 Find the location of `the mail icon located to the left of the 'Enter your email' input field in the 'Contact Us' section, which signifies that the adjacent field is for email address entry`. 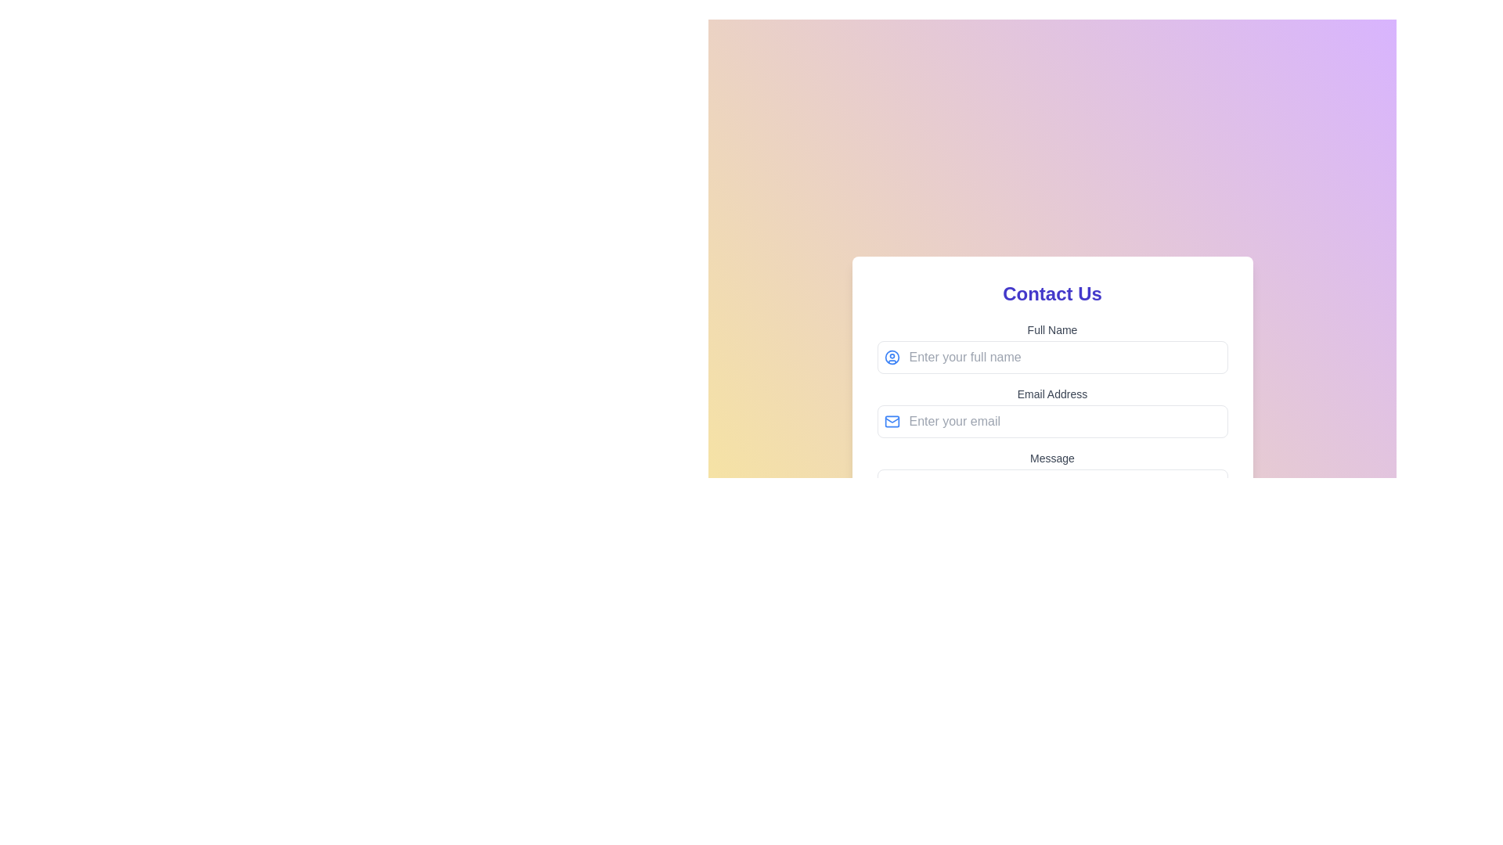

the mail icon located to the left of the 'Enter your email' input field in the 'Contact Us' section, which signifies that the adjacent field is for email address entry is located at coordinates (892, 421).